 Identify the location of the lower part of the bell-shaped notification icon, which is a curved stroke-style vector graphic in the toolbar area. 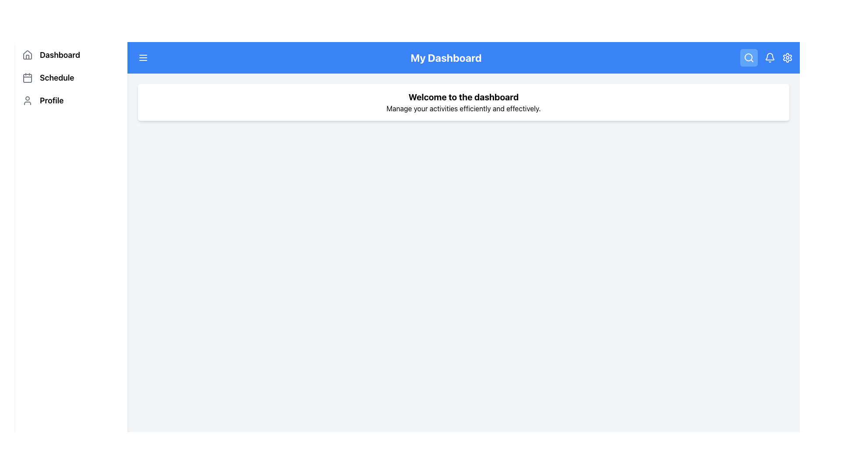
(769, 56).